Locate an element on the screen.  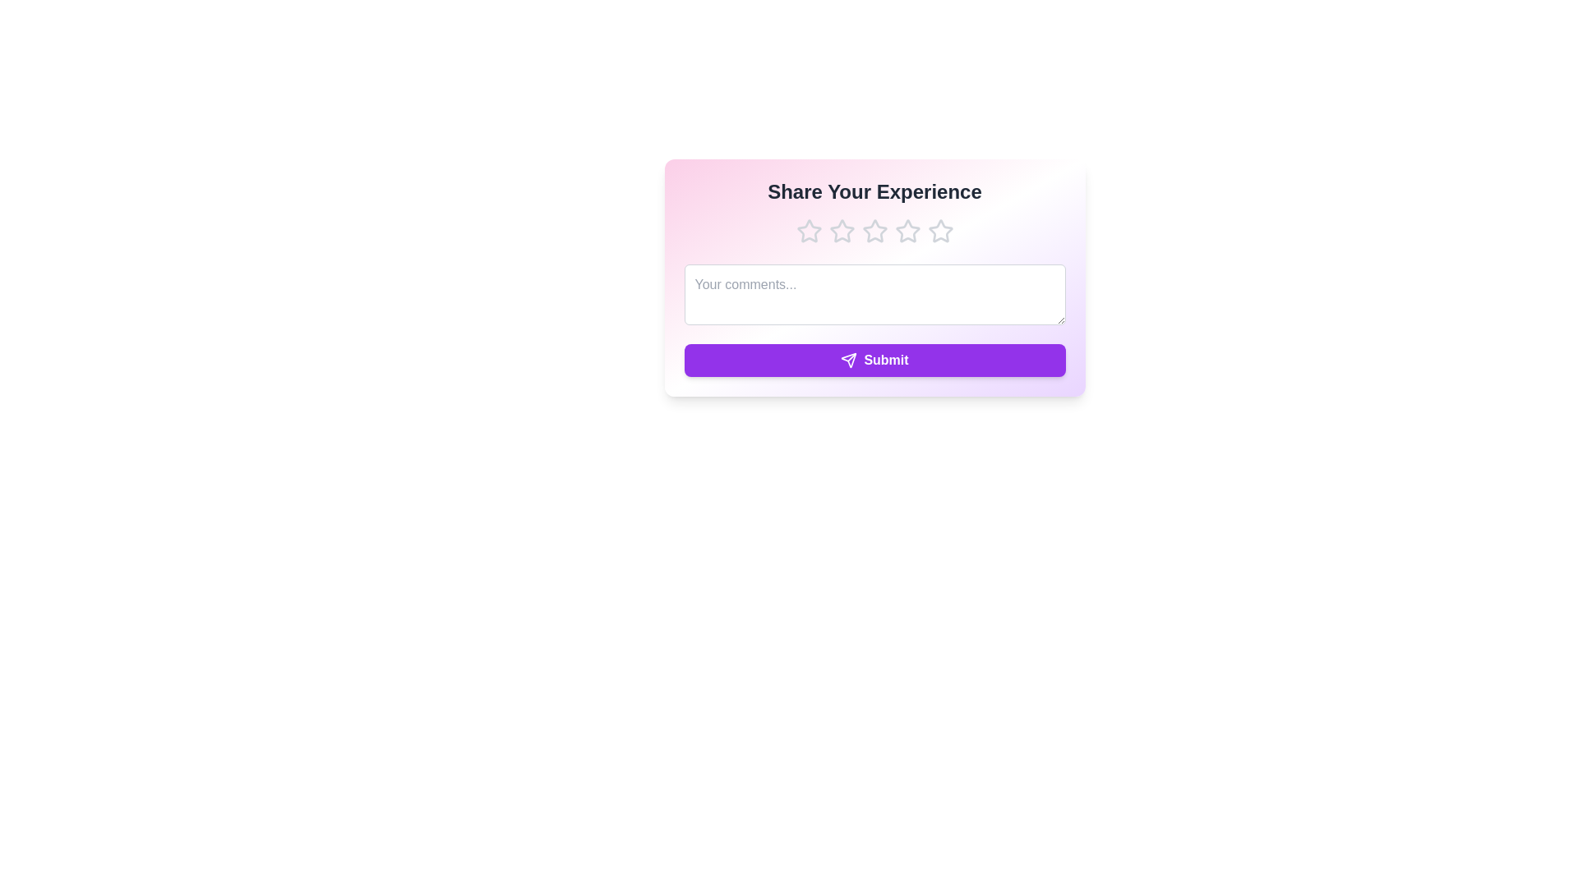
the fifth interactive rating star in the 'Share Your Experience' section is located at coordinates (907, 231).